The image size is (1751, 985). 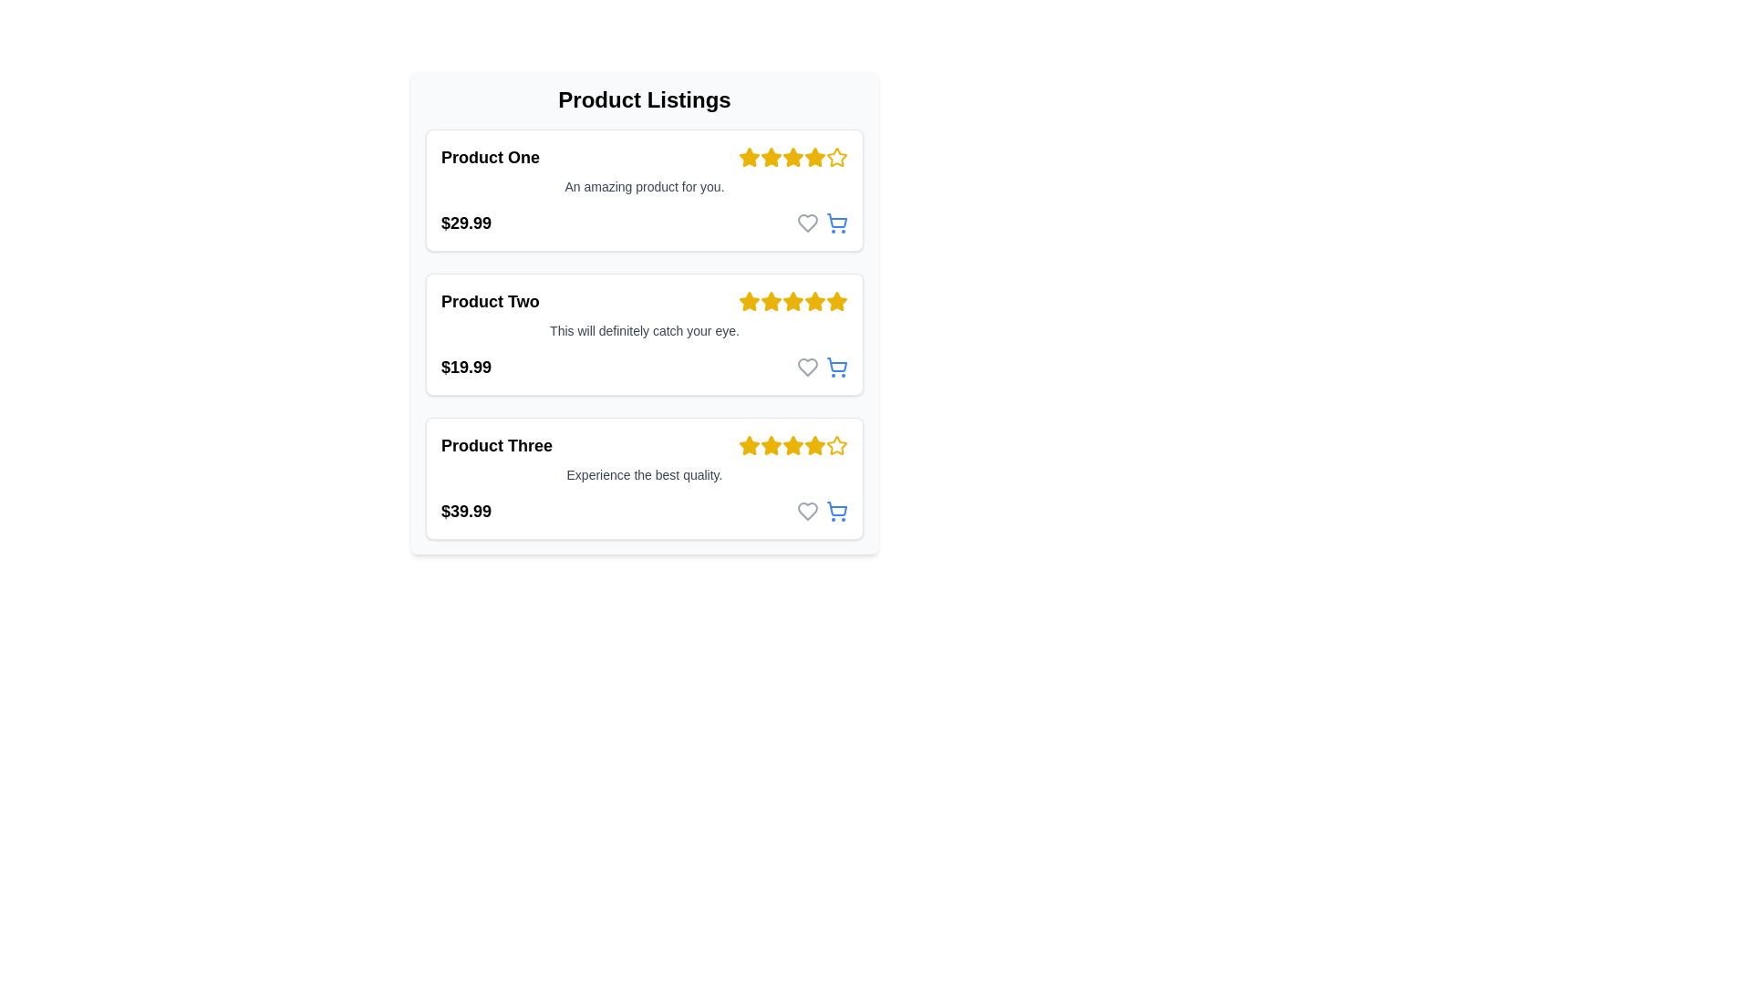 What do you see at coordinates (490, 157) in the screenshot?
I see `the text label saying 'Product One' located at the top left of the first product listing card` at bounding box center [490, 157].